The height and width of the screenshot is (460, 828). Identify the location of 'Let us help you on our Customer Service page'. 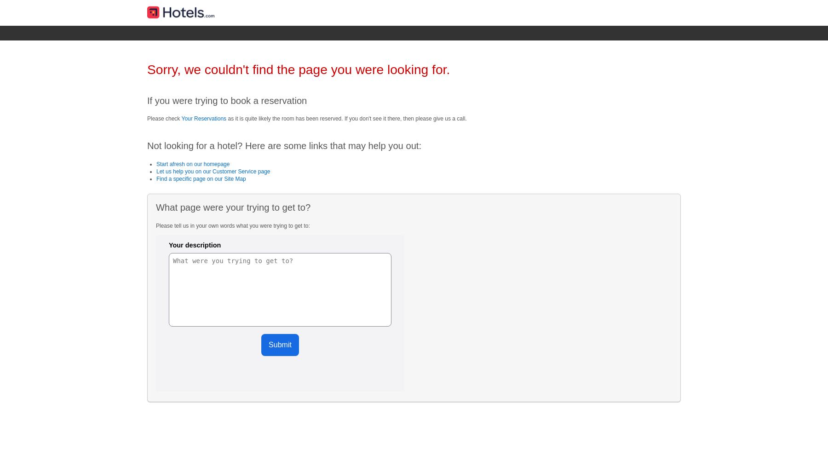
(156, 171).